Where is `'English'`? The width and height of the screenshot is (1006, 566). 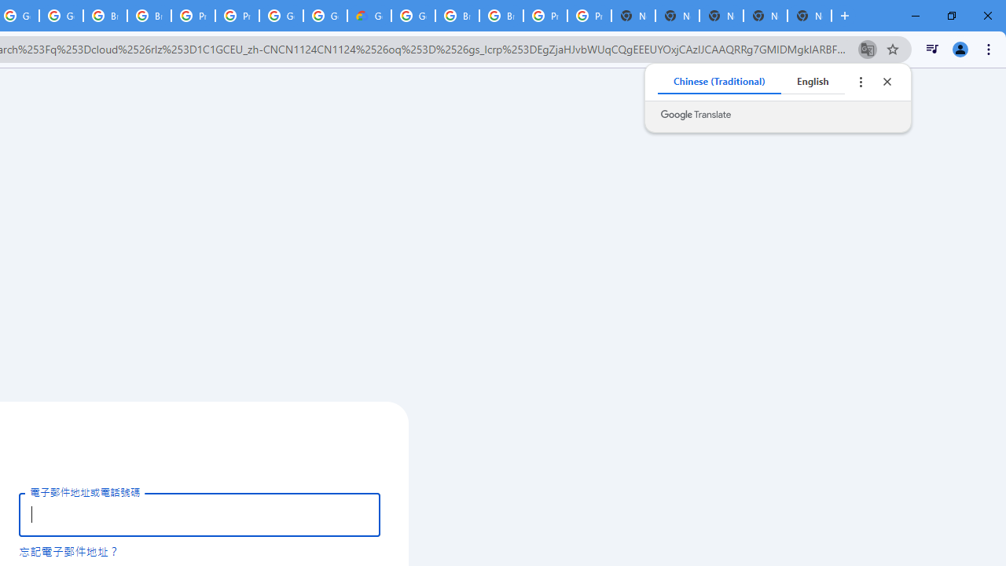 'English' is located at coordinates (813, 82).